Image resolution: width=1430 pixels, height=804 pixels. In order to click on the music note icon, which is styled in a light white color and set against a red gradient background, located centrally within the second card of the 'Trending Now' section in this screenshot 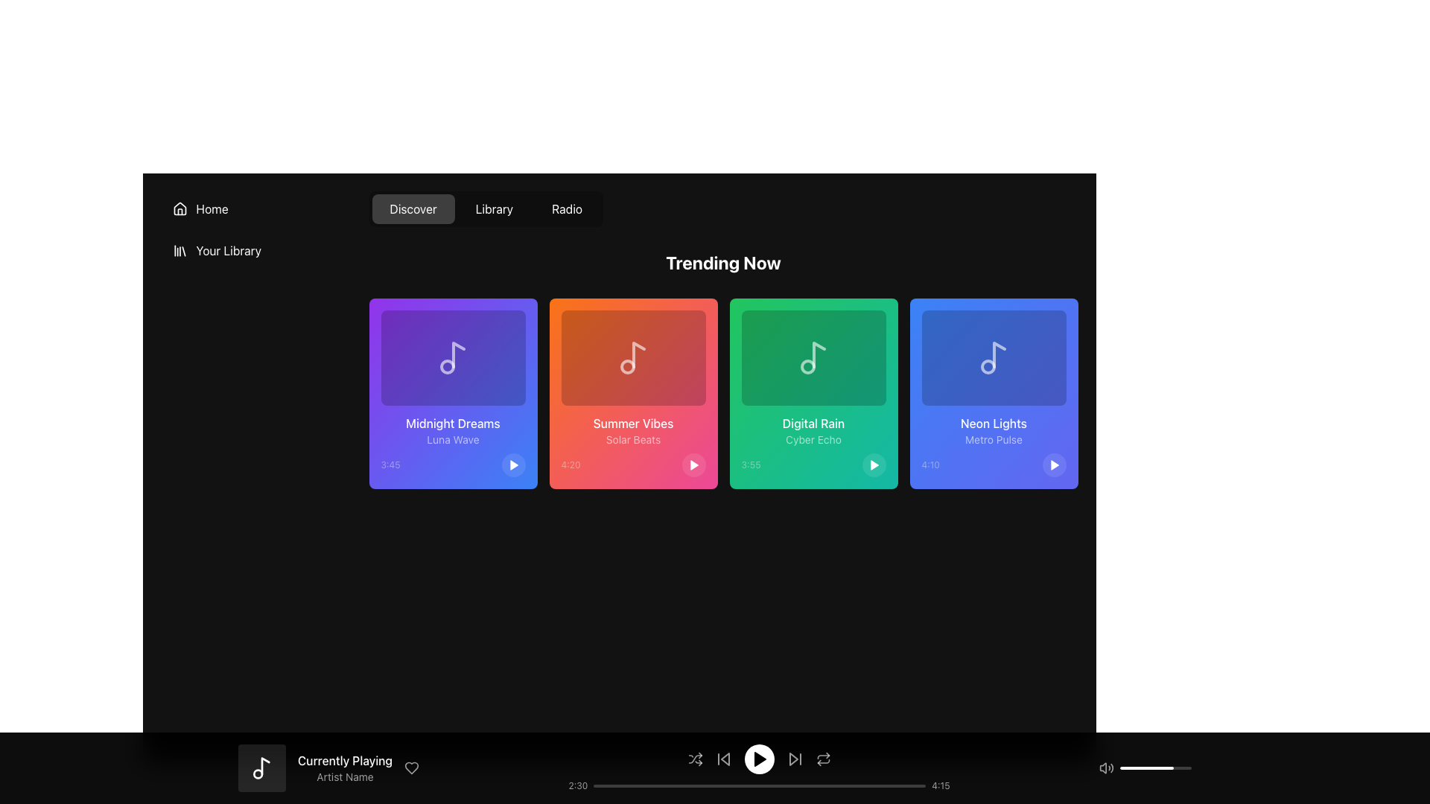, I will do `click(633, 358)`.